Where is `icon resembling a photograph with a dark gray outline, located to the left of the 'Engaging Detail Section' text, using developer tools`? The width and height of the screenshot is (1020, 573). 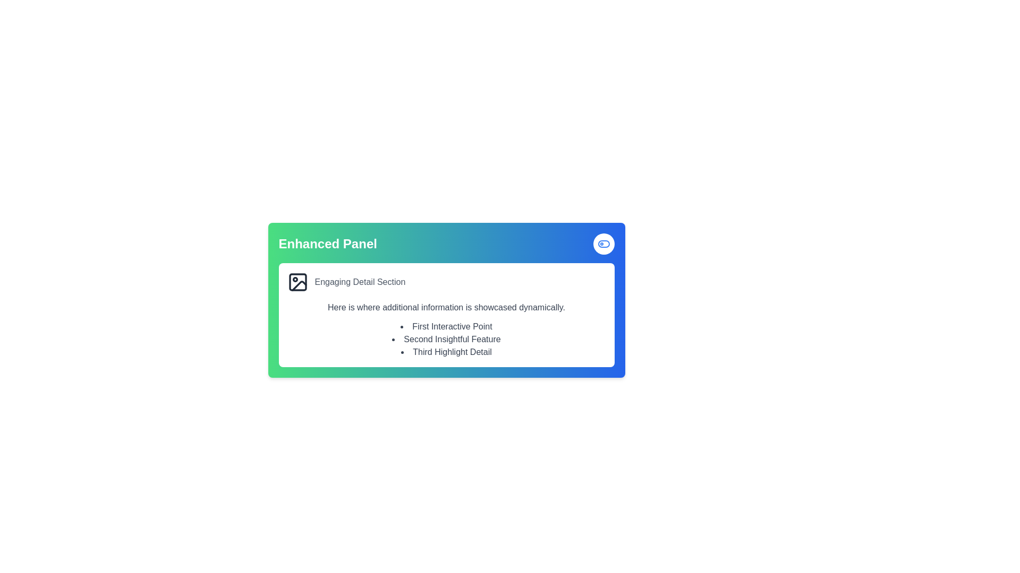 icon resembling a photograph with a dark gray outline, located to the left of the 'Engaging Detail Section' text, using developer tools is located at coordinates (297, 282).